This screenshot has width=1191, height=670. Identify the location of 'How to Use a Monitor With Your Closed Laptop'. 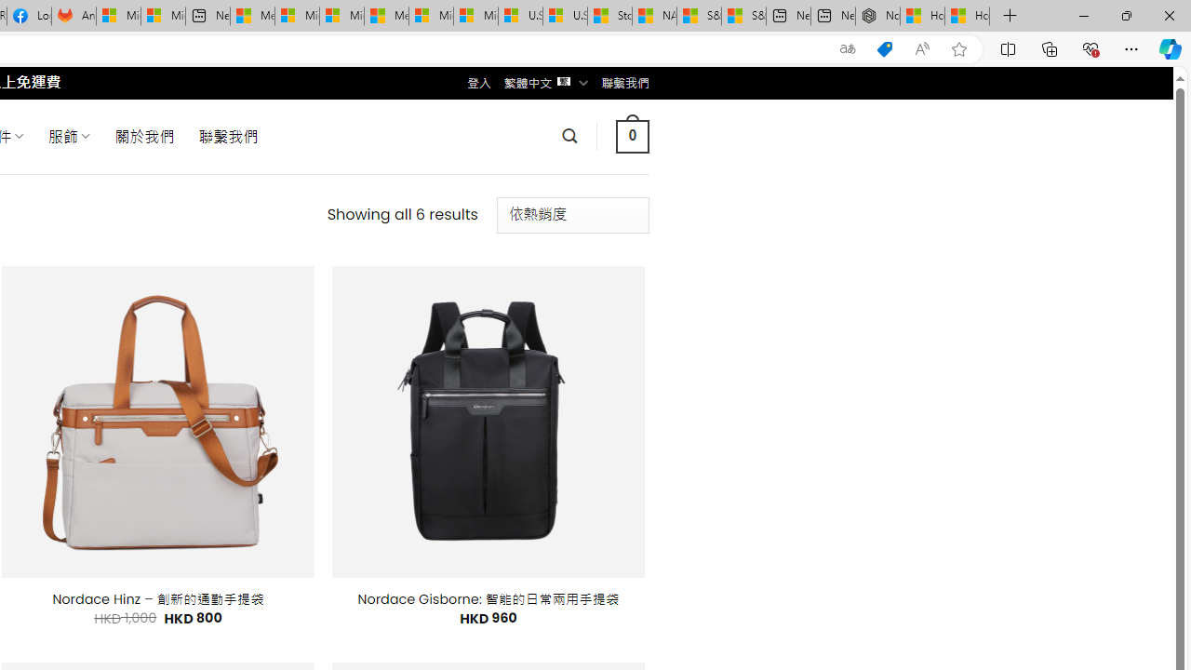
(968, 16).